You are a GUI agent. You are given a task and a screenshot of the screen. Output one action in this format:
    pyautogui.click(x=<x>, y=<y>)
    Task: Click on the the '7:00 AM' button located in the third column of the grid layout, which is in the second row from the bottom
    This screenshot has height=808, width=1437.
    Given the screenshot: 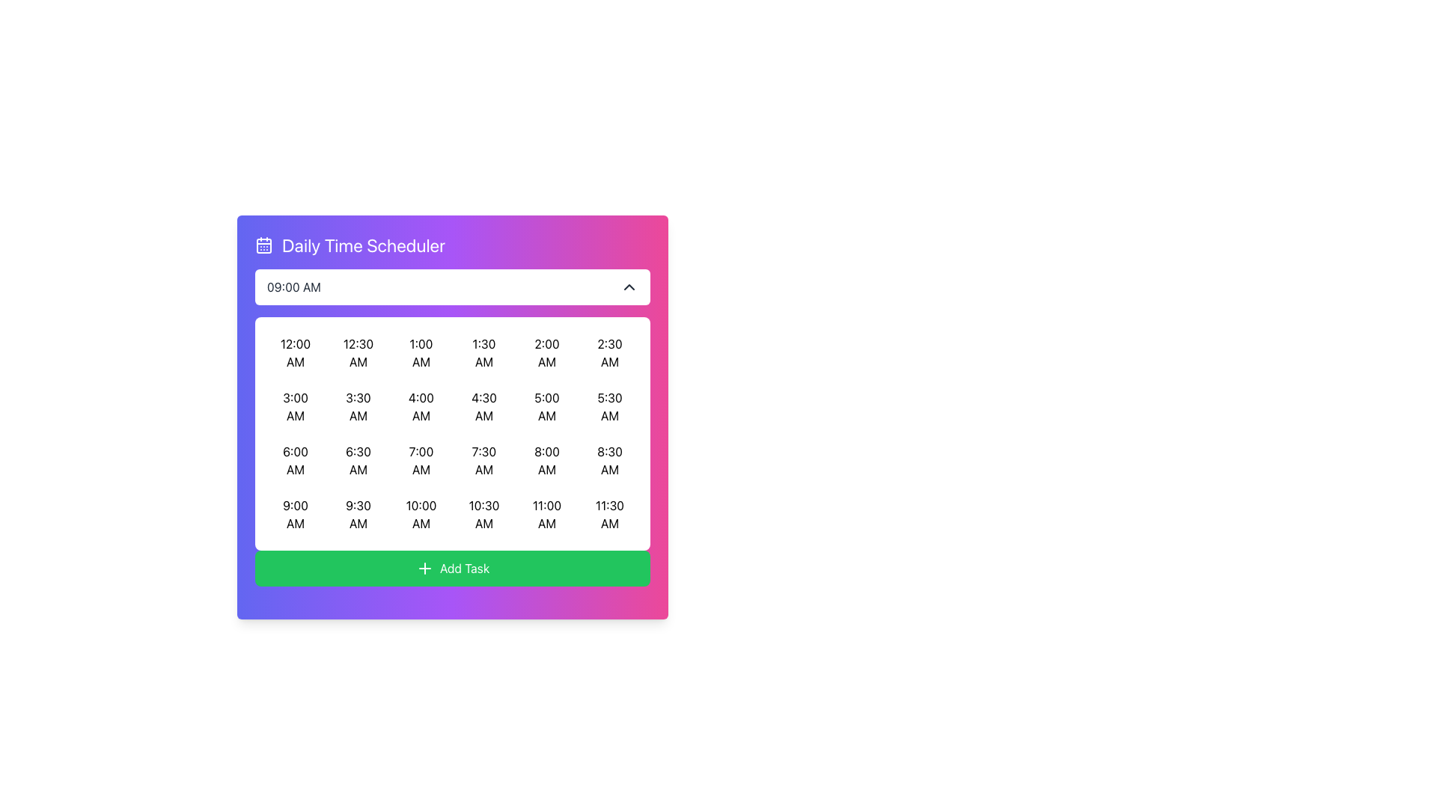 What is the action you would take?
    pyautogui.click(x=420, y=460)
    